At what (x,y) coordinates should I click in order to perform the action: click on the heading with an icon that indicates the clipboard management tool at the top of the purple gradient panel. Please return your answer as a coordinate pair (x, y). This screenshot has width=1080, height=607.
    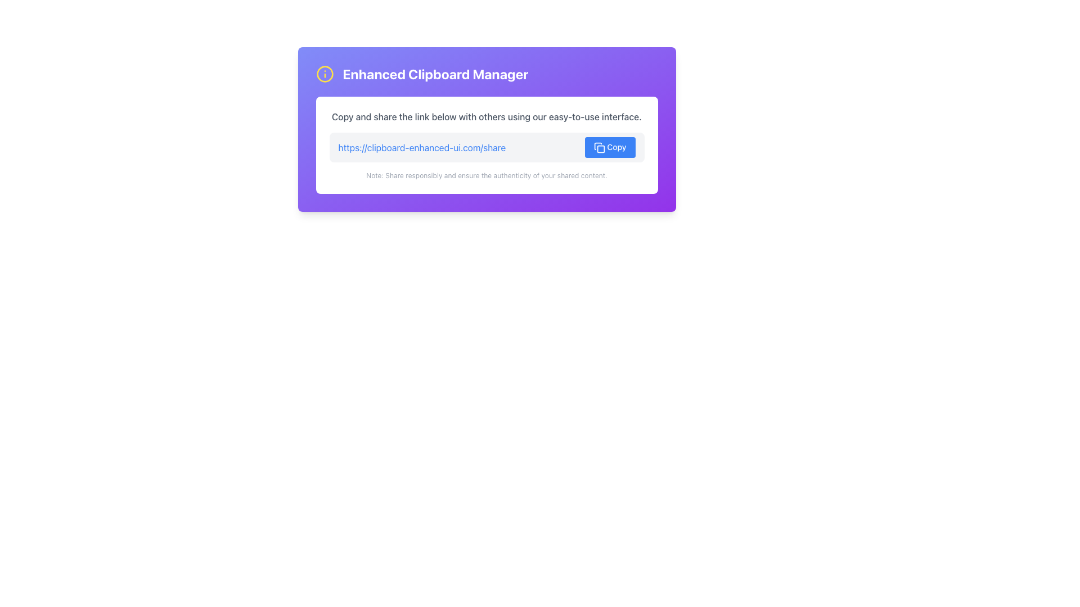
    Looking at the image, I should click on (487, 74).